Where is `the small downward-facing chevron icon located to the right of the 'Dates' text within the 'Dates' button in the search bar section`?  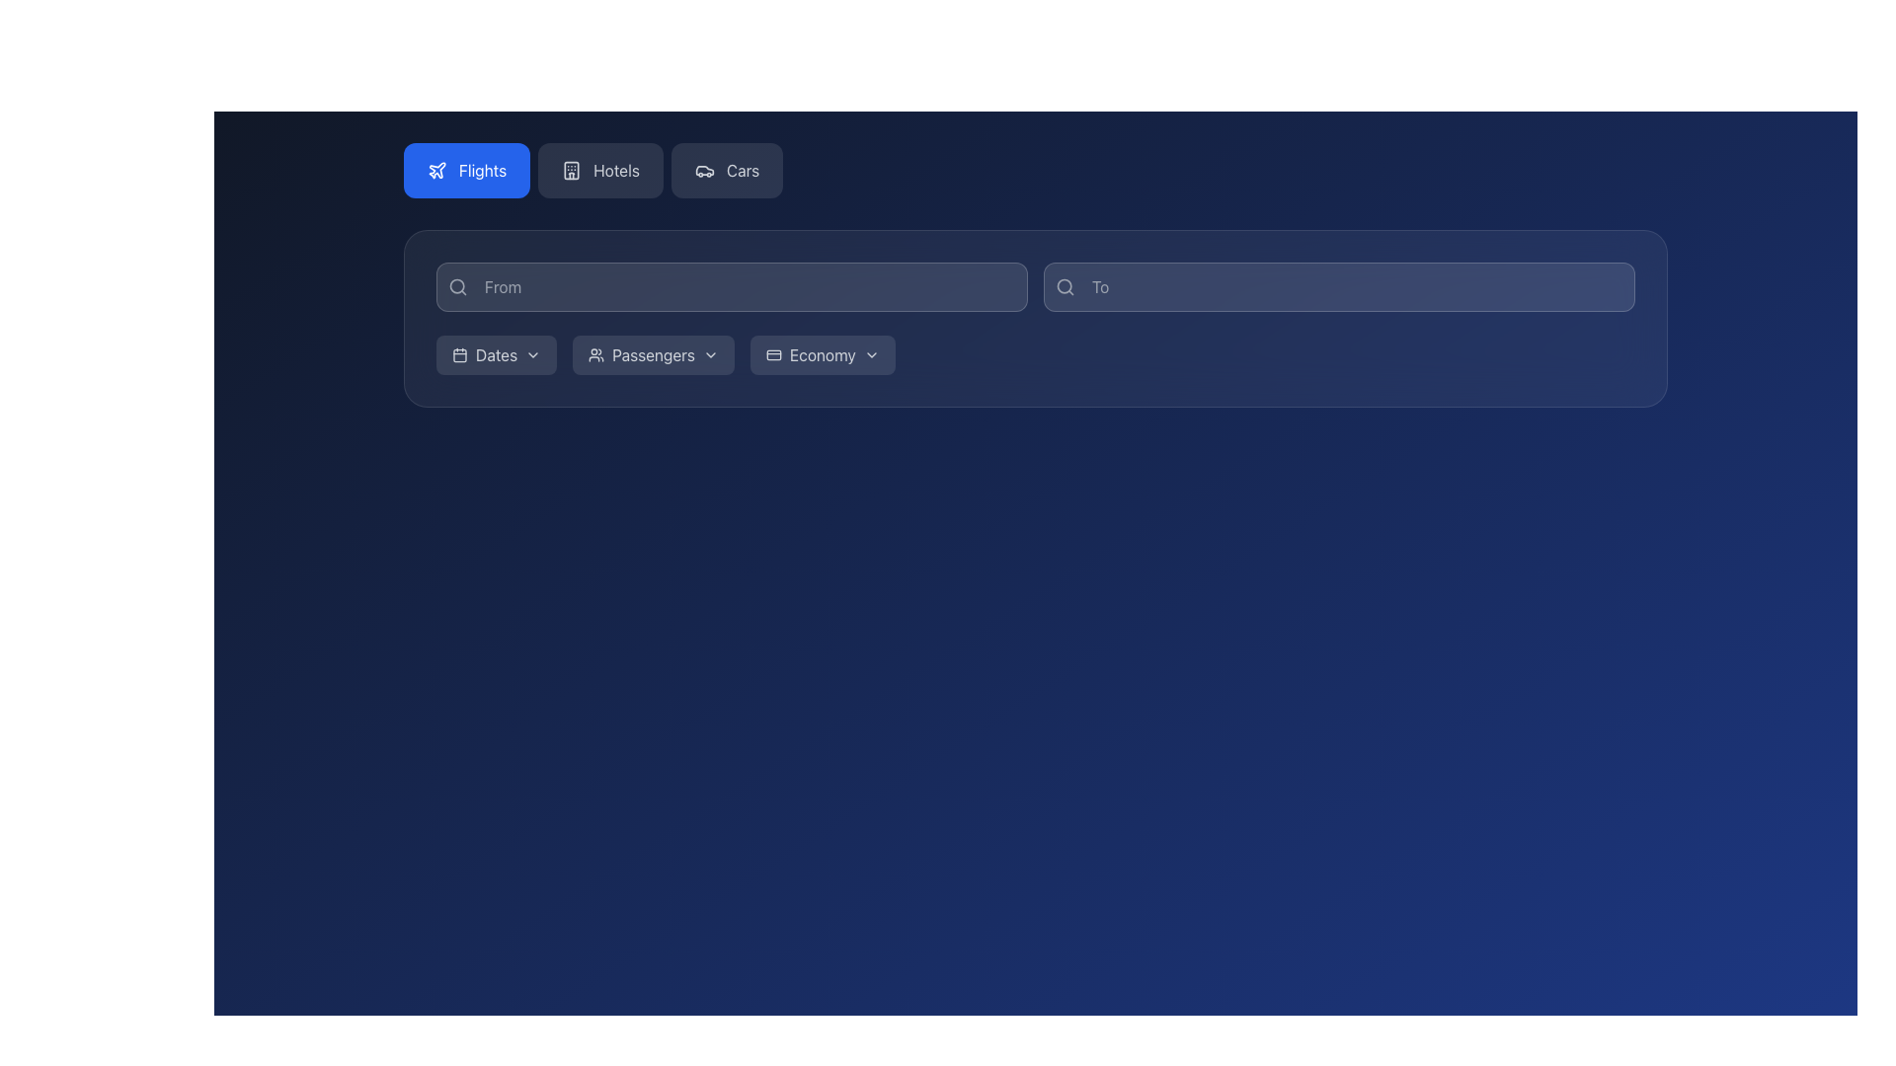
the small downward-facing chevron icon located to the right of the 'Dates' text within the 'Dates' button in the search bar section is located at coordinates (533, 353).